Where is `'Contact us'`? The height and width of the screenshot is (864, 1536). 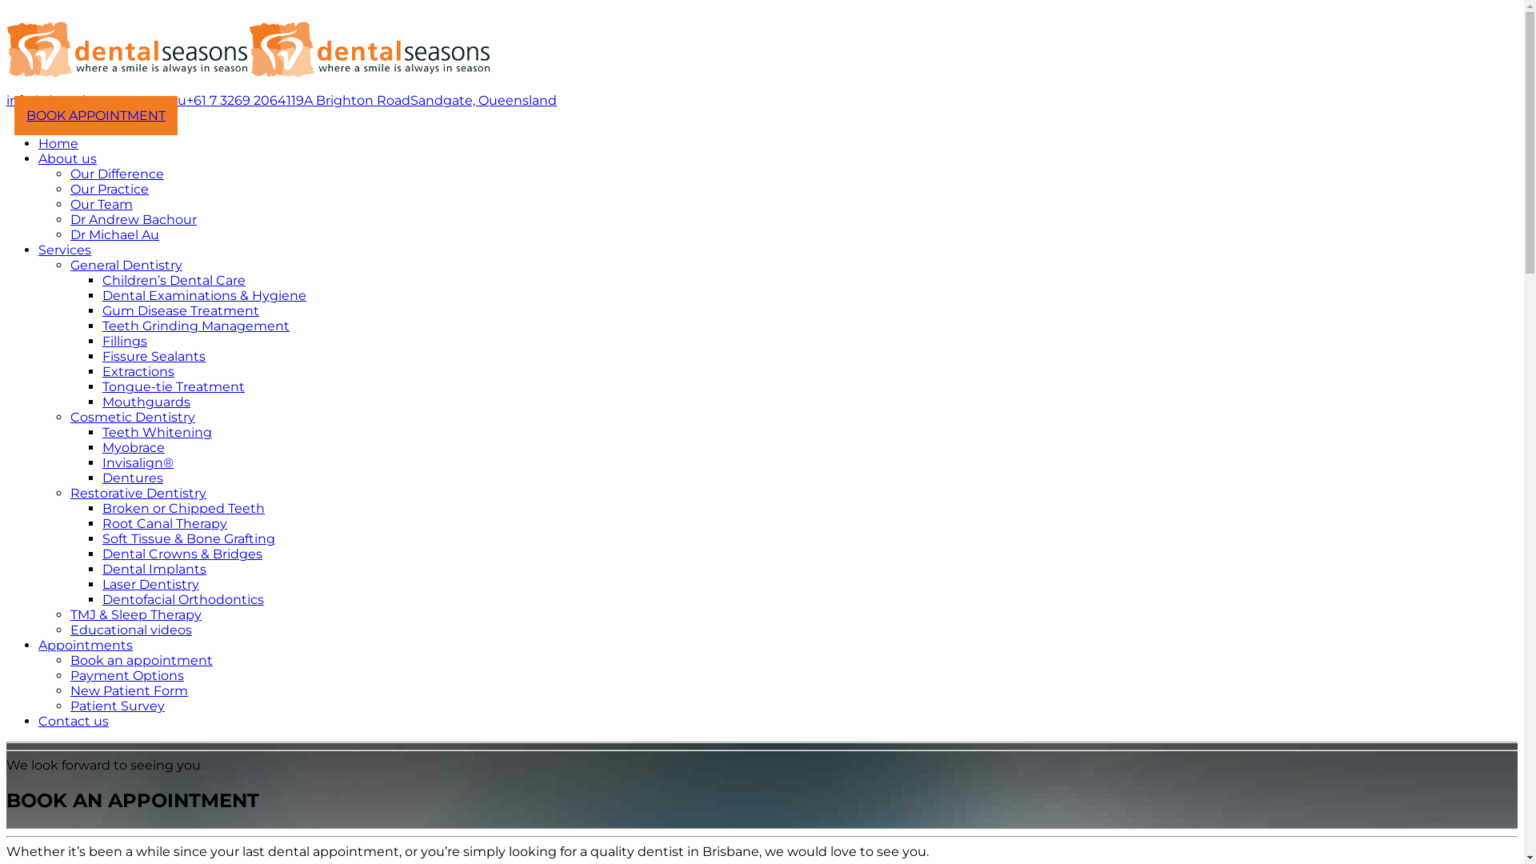 'Contact us' is located at coordinates (72, 721).